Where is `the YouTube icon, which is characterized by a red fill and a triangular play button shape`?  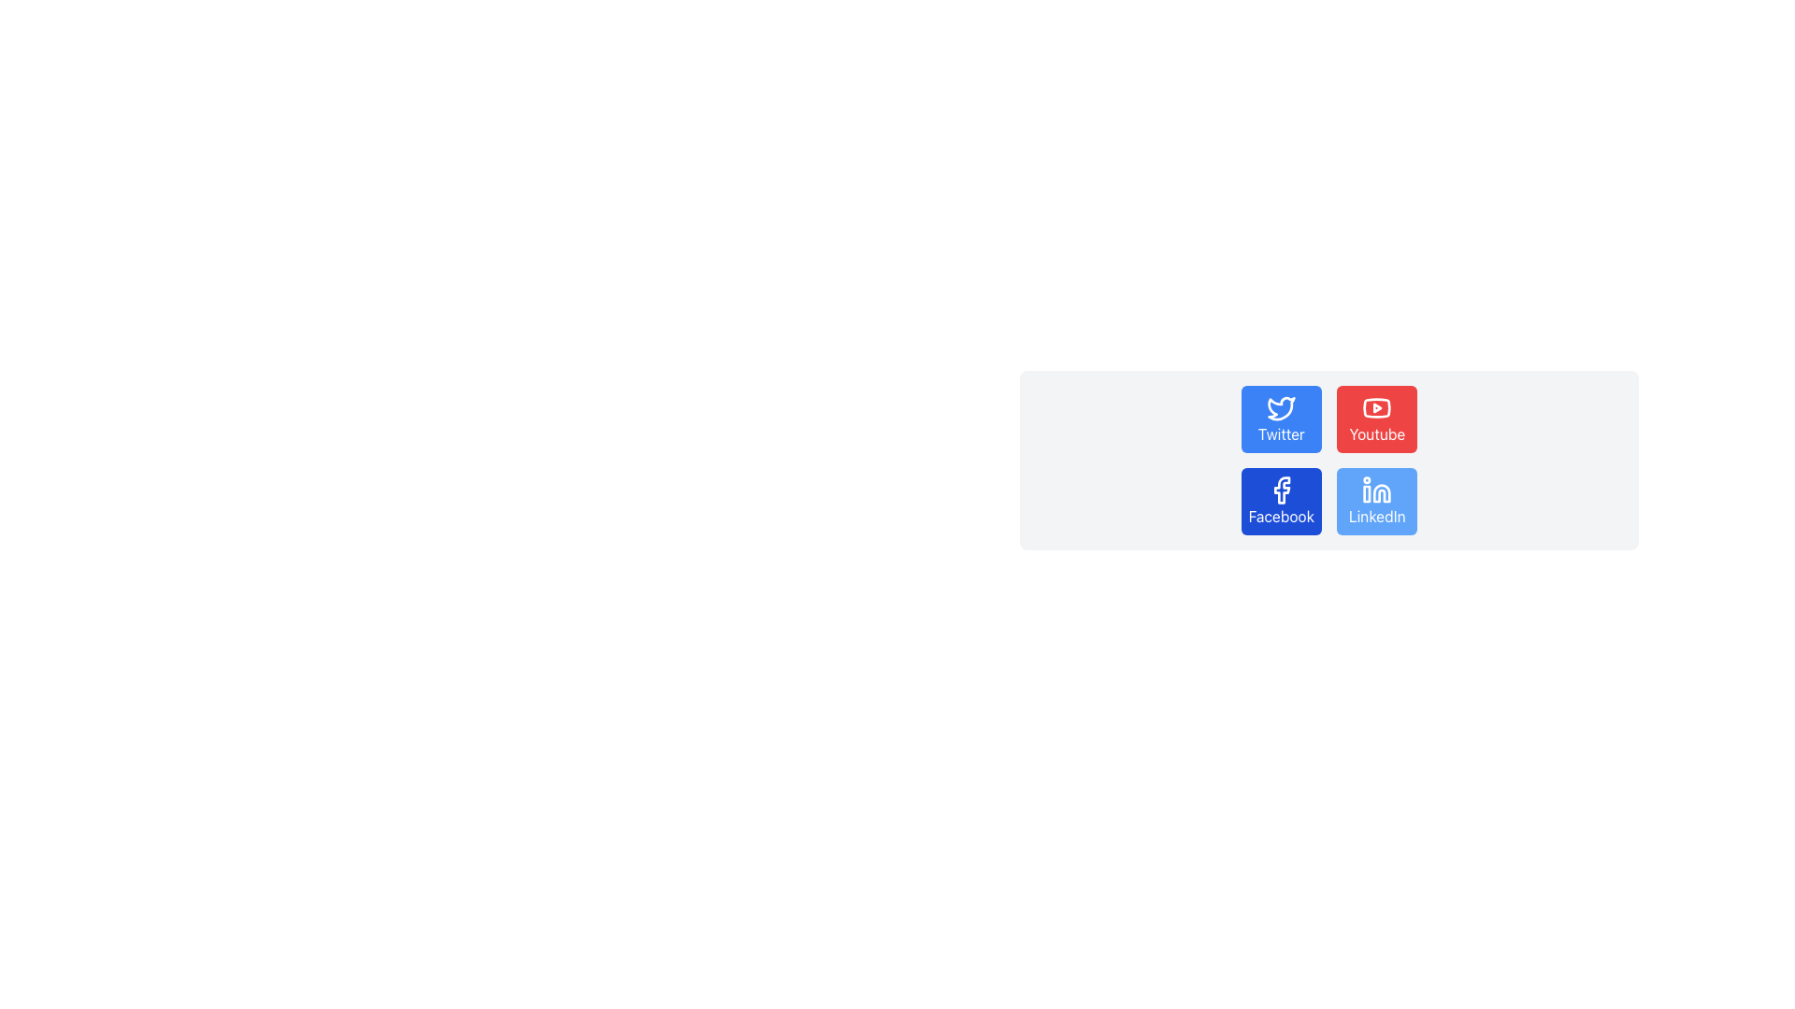
the YouTube icon, which is characterized by a red fill and a triangular play button shape is located at coordinates (1377, 406).